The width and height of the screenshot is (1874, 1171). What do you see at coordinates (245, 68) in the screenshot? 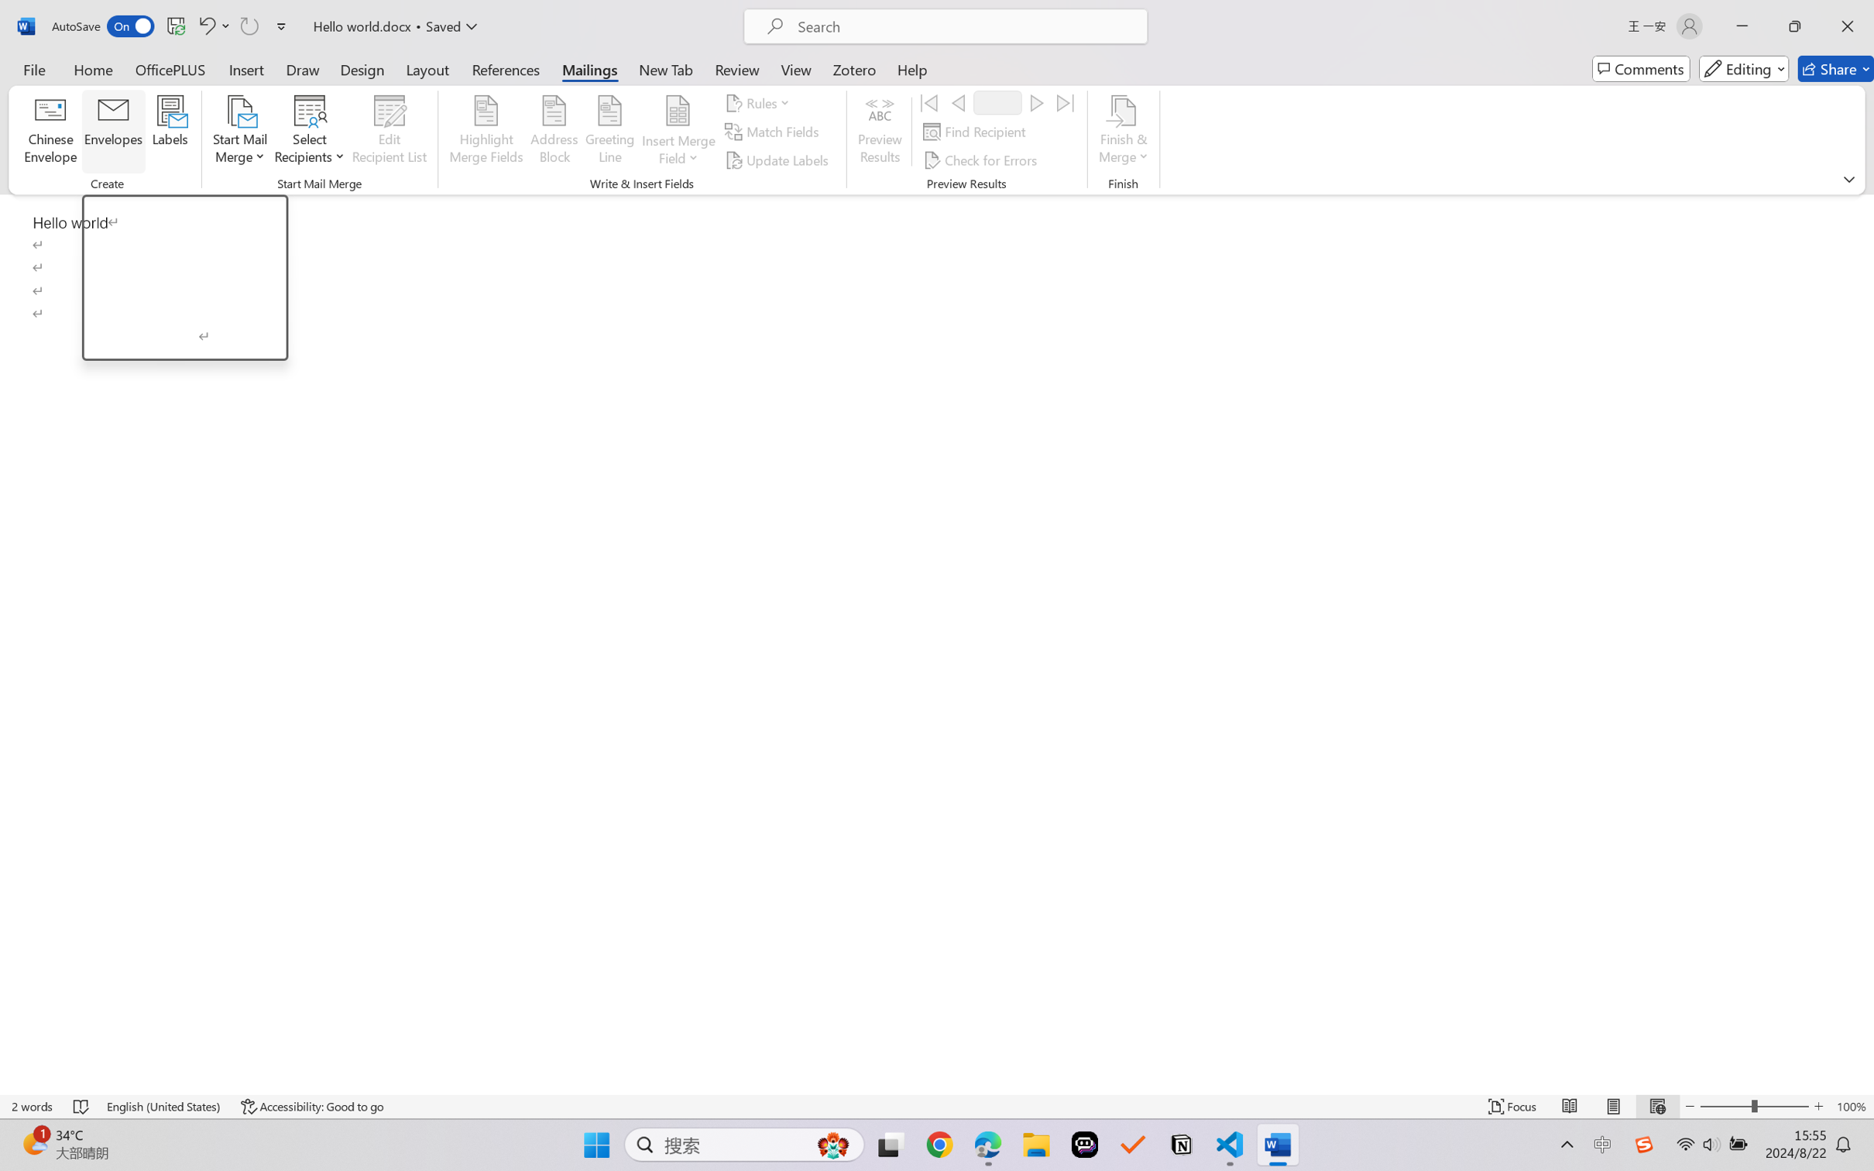
I see `'Insert'` at bounding box center [245, 68].